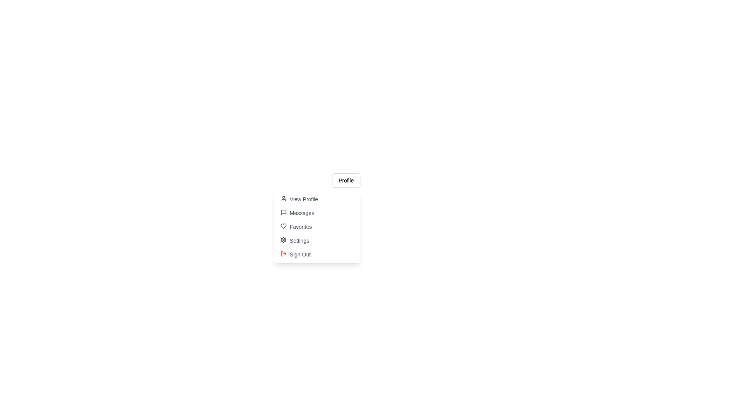 The image size is (737, 414). Describe the element at coordinates (283, 212) in the screenshot. I see `the chat bubble icon in the 'Messages' dropdown menu` at that location.